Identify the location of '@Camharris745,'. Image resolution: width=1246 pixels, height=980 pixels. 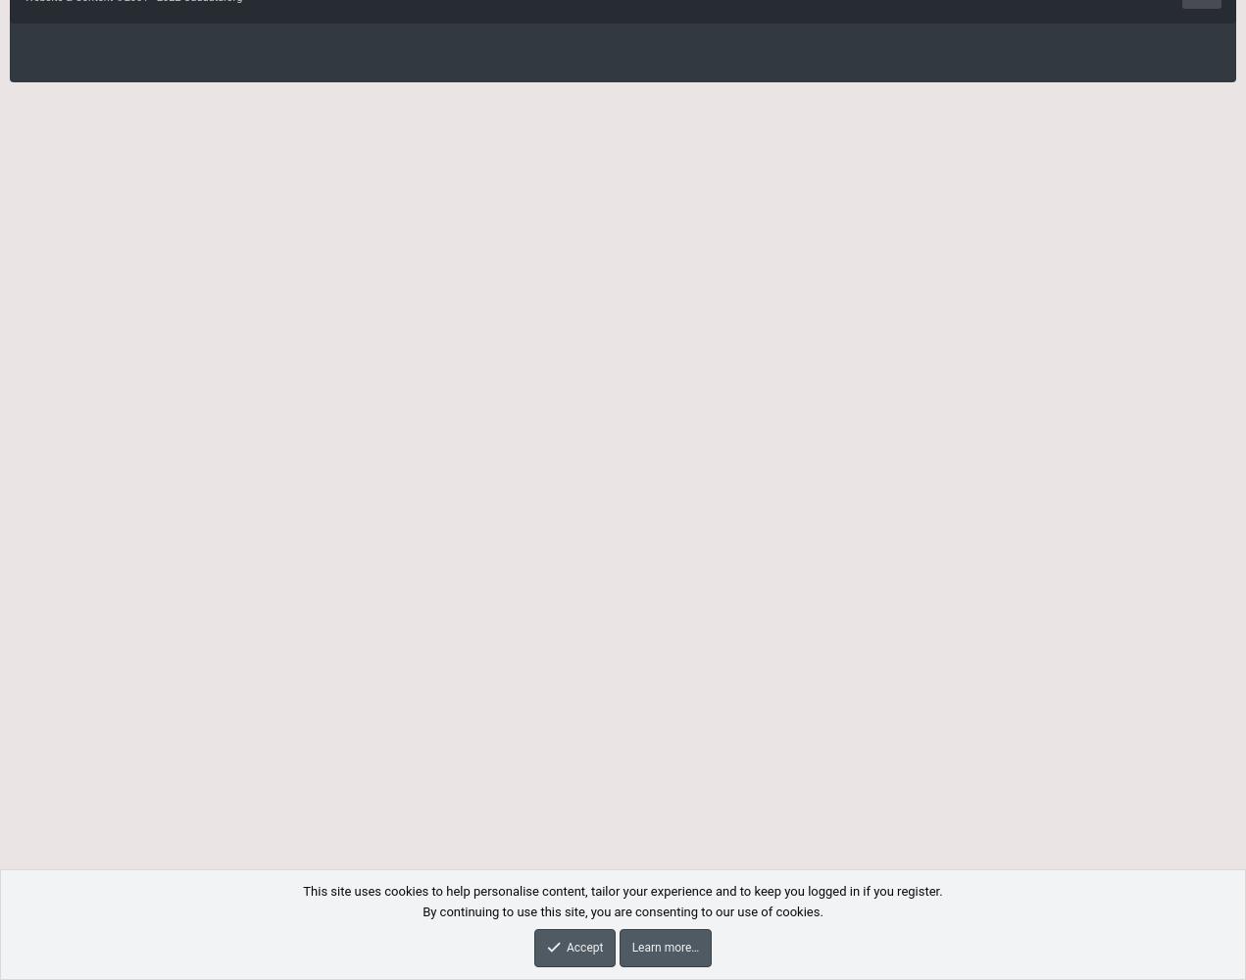
(143, 953).